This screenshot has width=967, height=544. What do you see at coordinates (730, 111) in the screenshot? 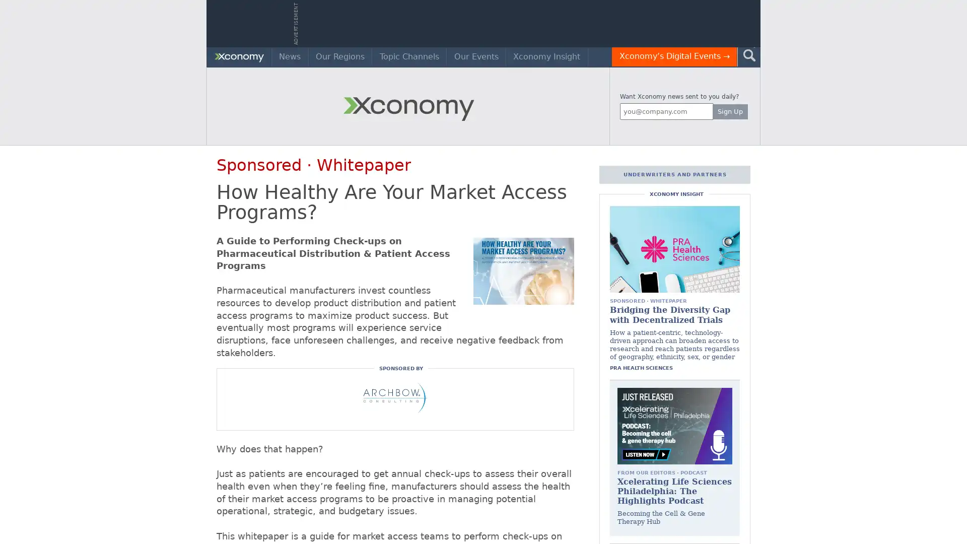
I see `Sign Up` at bounding box center [730, 111].